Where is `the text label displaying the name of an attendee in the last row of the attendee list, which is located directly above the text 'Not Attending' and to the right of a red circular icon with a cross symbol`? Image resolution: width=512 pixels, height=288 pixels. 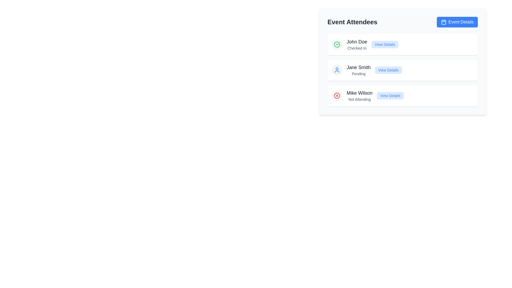
the text label displaying the name of an attendee in the last row of the attendee list, which is located directly above the text 'Not Attending' and to the right of a red circular icon with a cross symbol is located at coordinates (359, 93).